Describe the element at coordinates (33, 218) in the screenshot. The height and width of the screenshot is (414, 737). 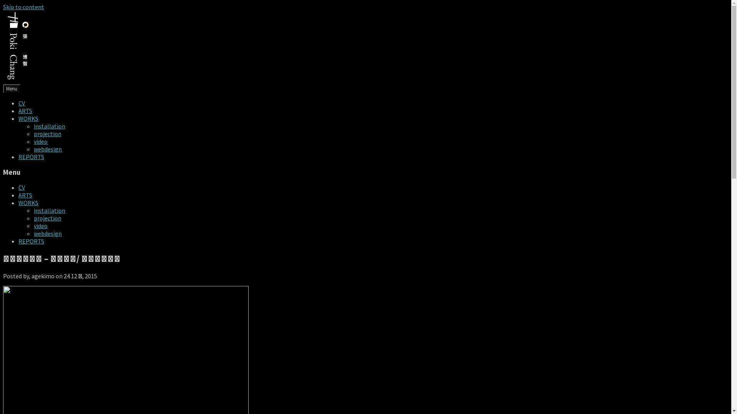
I see `'projection'` at that location.